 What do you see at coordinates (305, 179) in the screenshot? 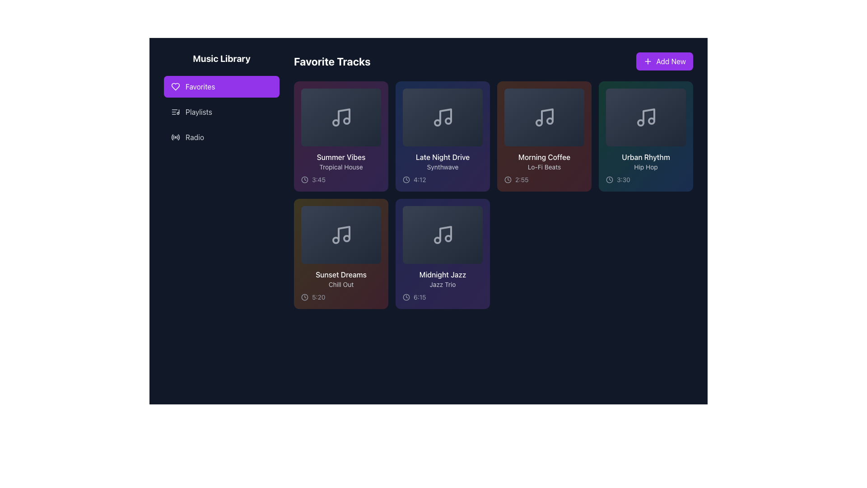
I see `the circular clock icon representing the 'Summer Vibes' card, located at the top left corner of the card` at bounding box center [305, 179].